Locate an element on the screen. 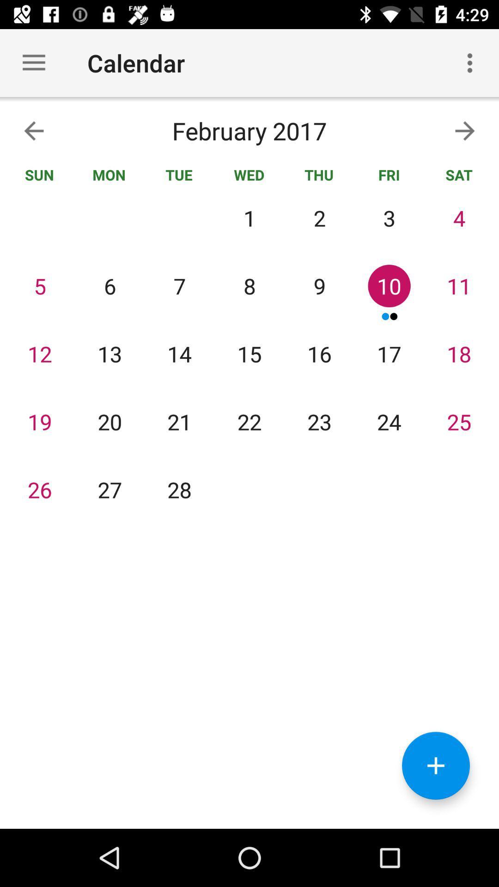 Image resolution: width=499 pixels, height=887 pixels. the arrow_backward icon is located at coordinates (33, 130).